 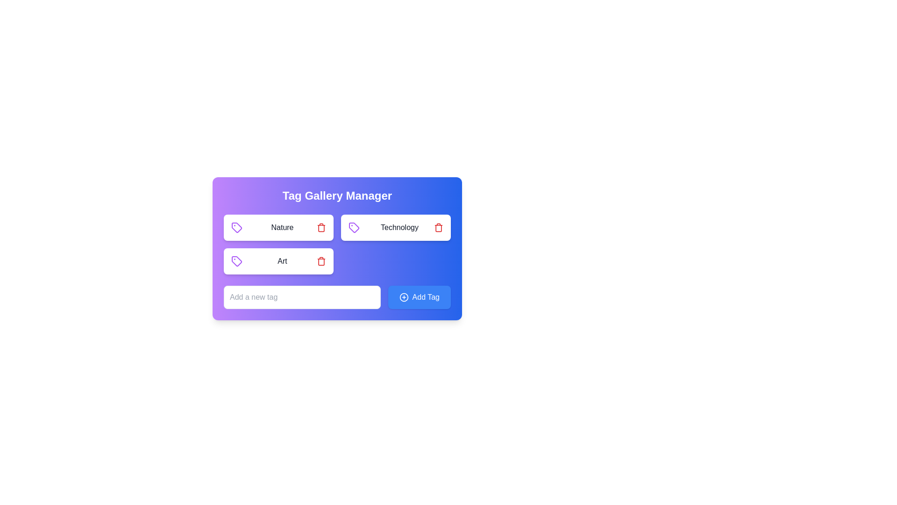 What do you see at coordinates (354, 227) in the screenshot?
I see `the 'Technology' tag icon located to the left of the text 'Technology' and adjacent to the delete icon` at bounding box center [354, 227].